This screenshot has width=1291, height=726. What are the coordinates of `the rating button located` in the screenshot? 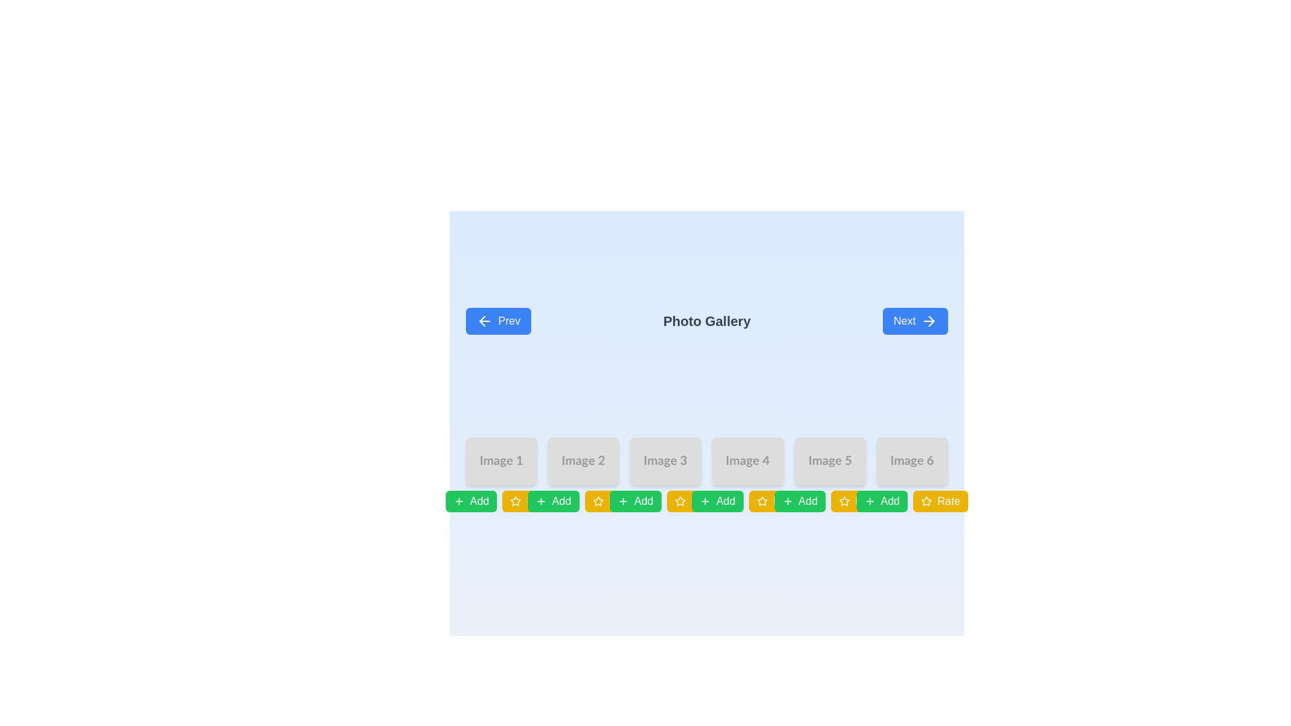 It's located at (747, 501).